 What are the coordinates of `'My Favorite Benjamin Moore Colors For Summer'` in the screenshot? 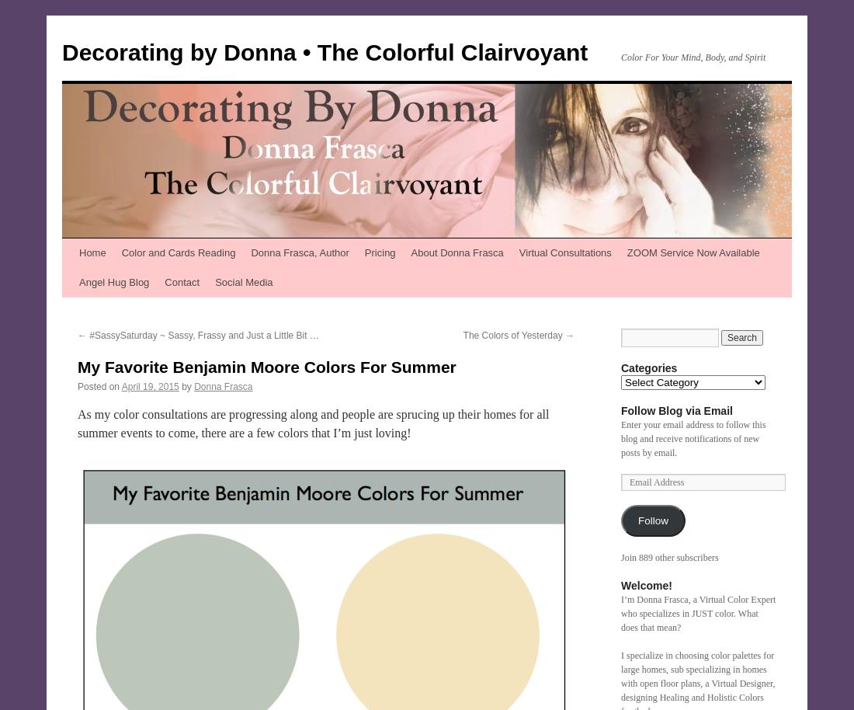 It's located at (77, 367).